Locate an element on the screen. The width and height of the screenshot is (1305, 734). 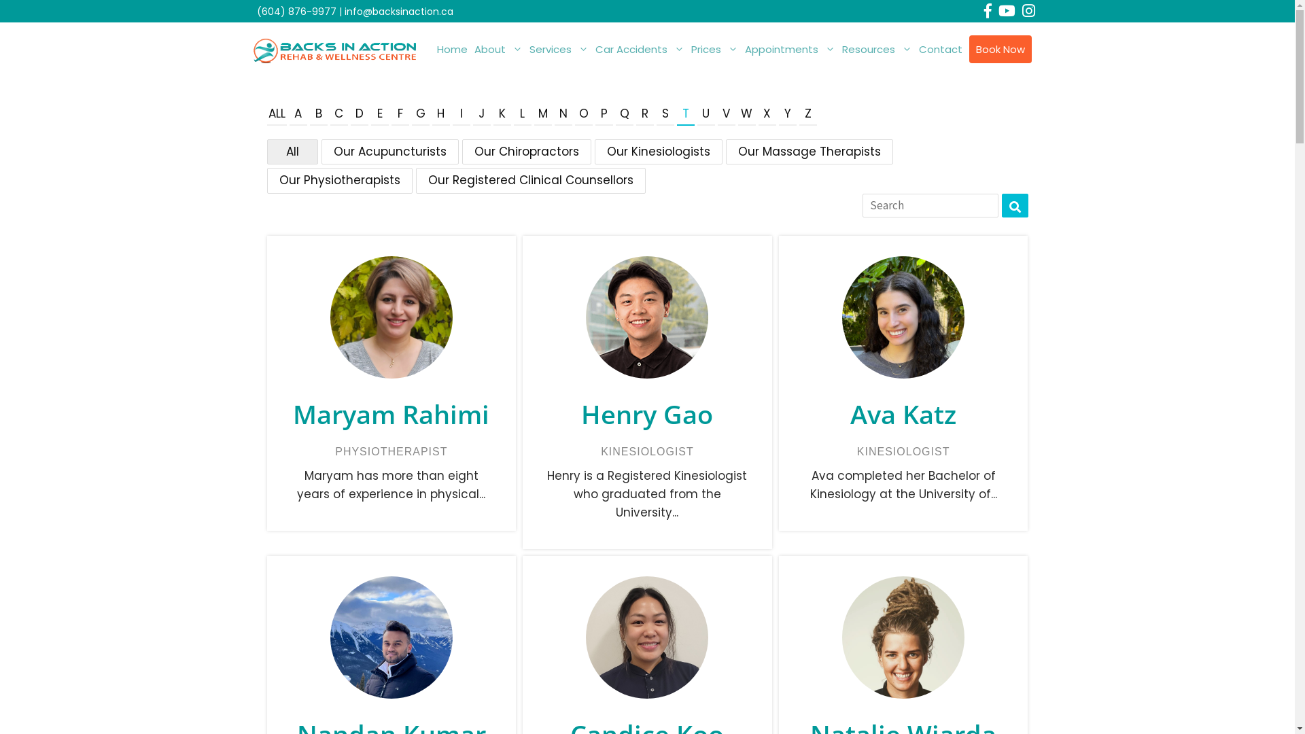
'X' is located at coordinates (767, 114).